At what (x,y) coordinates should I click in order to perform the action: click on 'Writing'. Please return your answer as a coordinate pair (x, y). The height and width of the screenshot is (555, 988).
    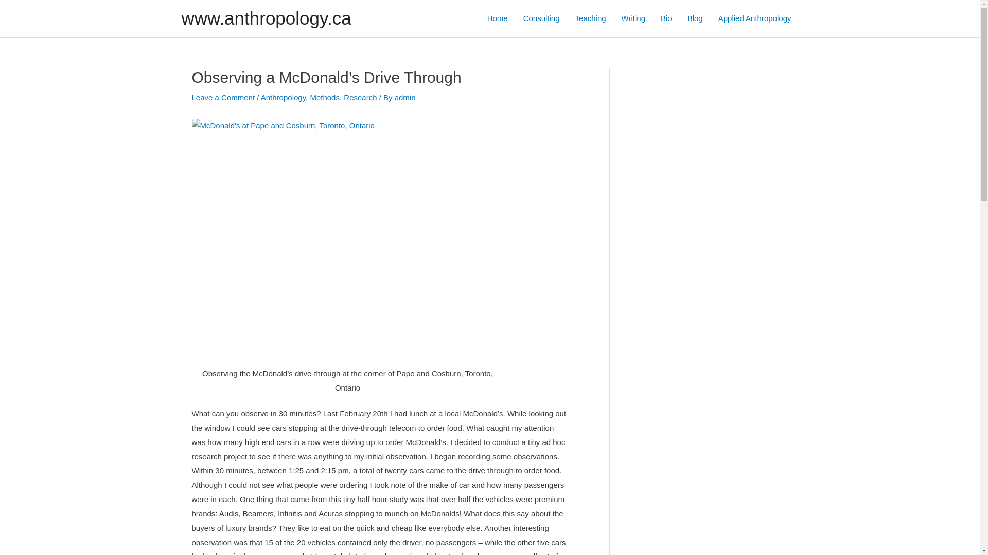
    Looking at the image, I should click on (632, 18).